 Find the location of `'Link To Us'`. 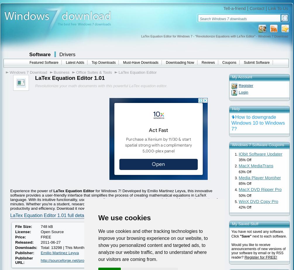

'Link To Us' is located at coordinates (278, 8).